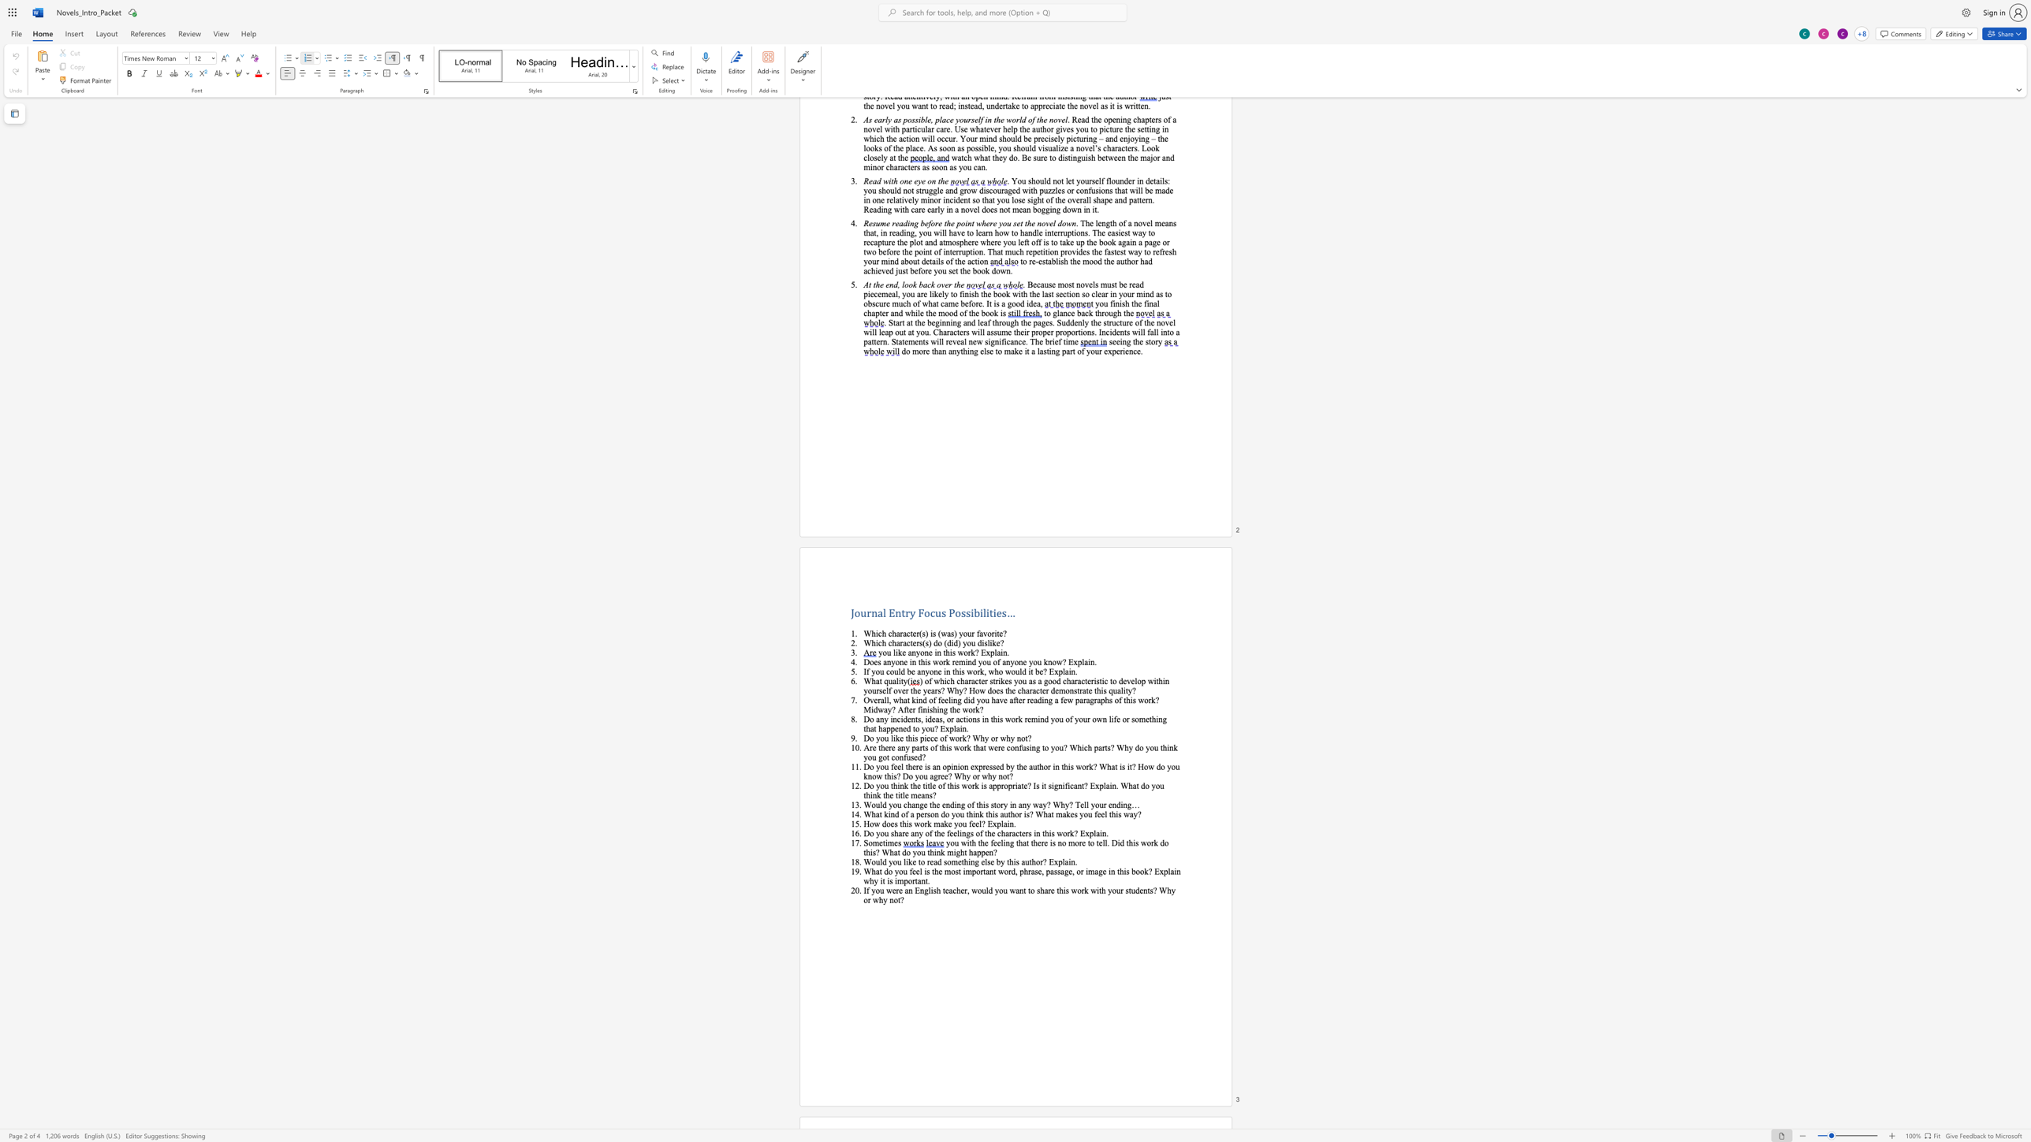 Image resolution: width=2031 pixels, height=1142 pixels. Describe the element at coordinates (1132, 804) in the screenshot. I see `the space between the continuous character "g" and "…" in the text` at that location.